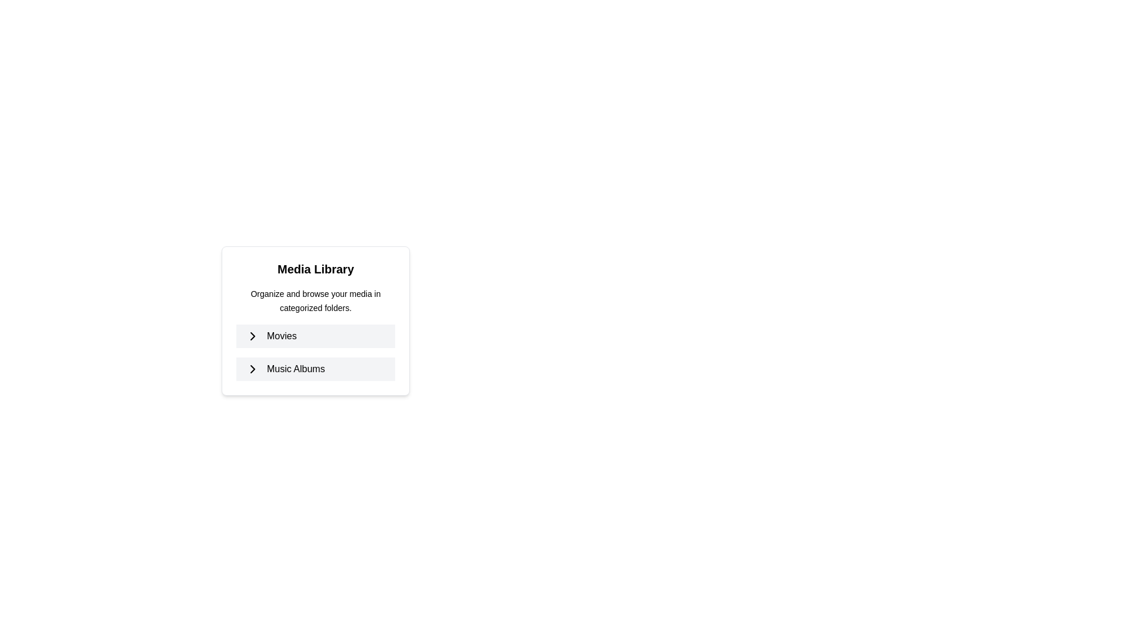 The height and width of the screenshot is (635, 1129). I want to click on the 'Movies' category text label located in the first row of the vertical list of options in the 'Media Library' section, so click(270, 336).